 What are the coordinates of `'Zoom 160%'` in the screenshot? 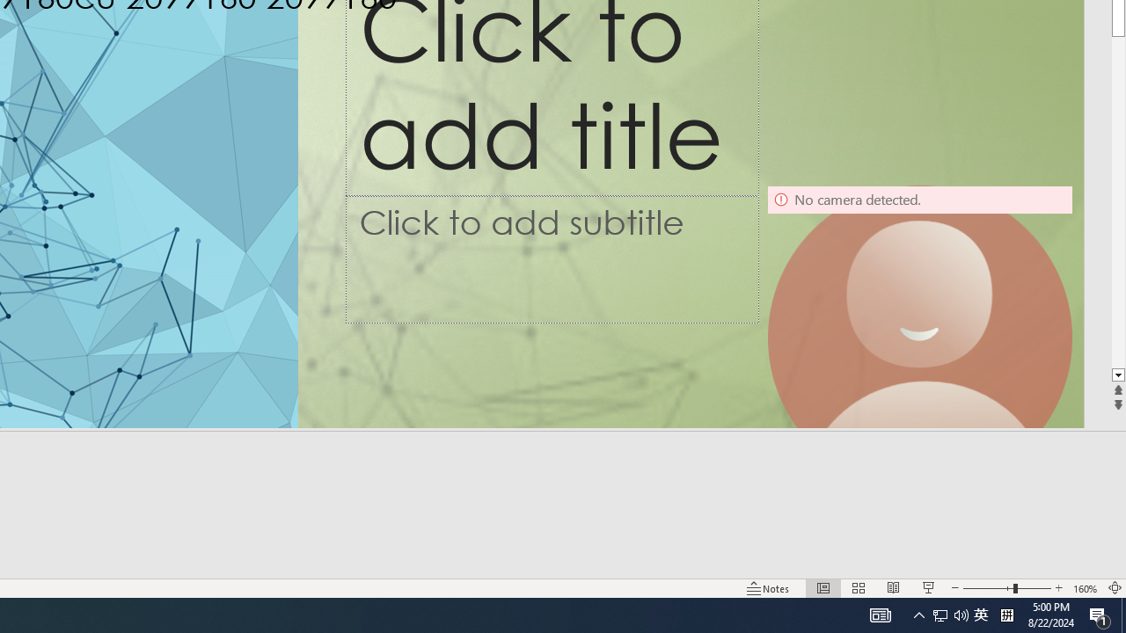 It's located at (1085, 588).